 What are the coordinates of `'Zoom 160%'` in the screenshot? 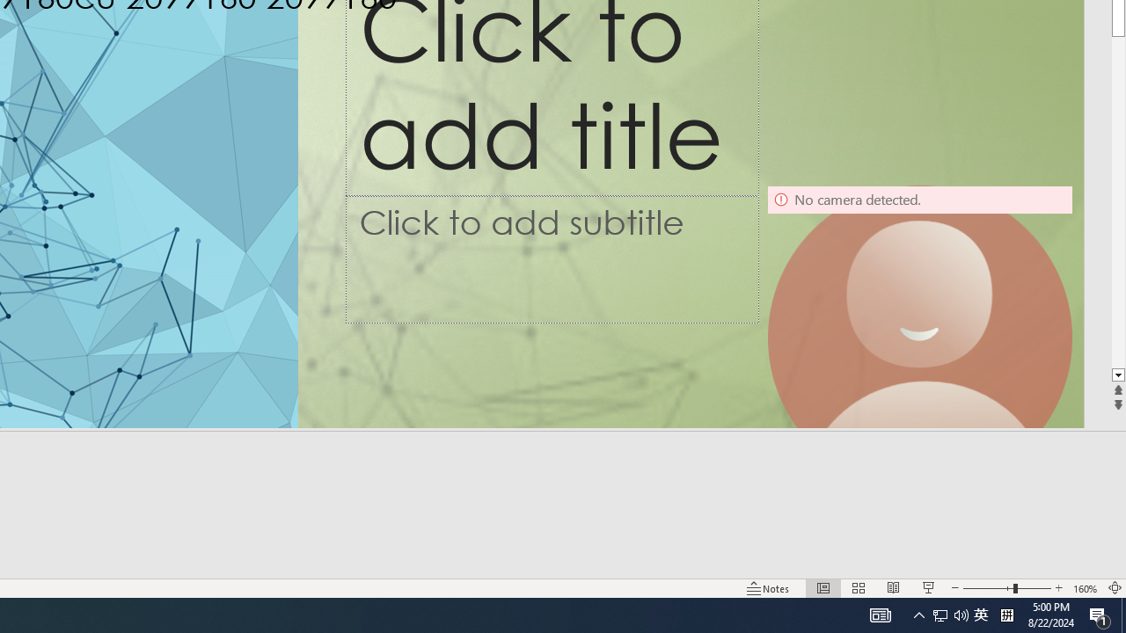 It's located at (1085, 588).